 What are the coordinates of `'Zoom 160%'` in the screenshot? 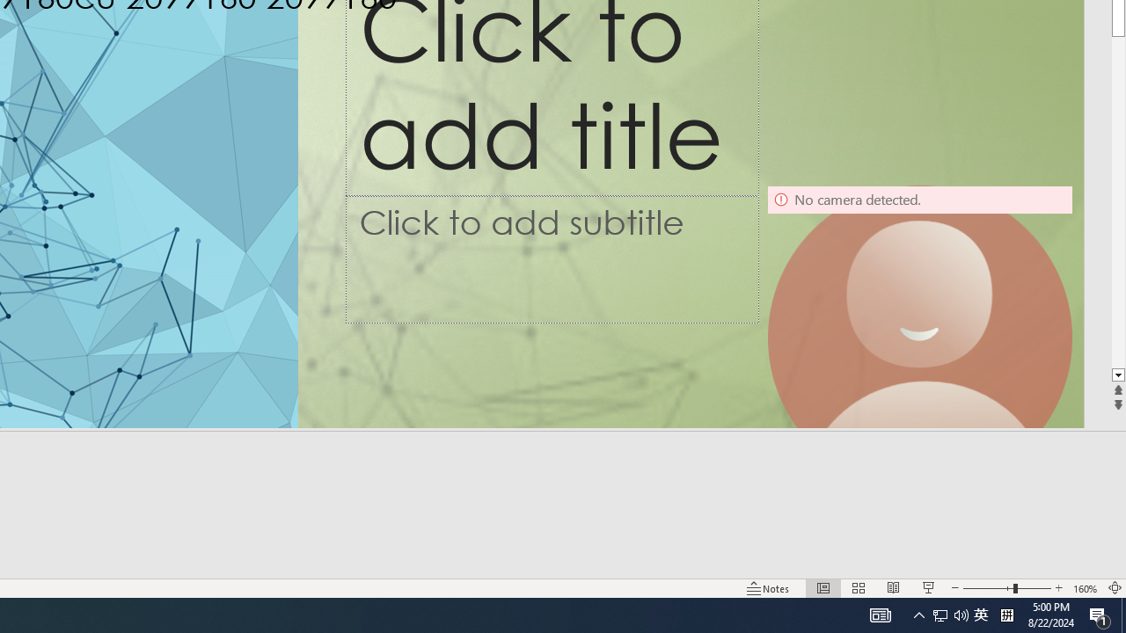 It's located at (1085, 588).